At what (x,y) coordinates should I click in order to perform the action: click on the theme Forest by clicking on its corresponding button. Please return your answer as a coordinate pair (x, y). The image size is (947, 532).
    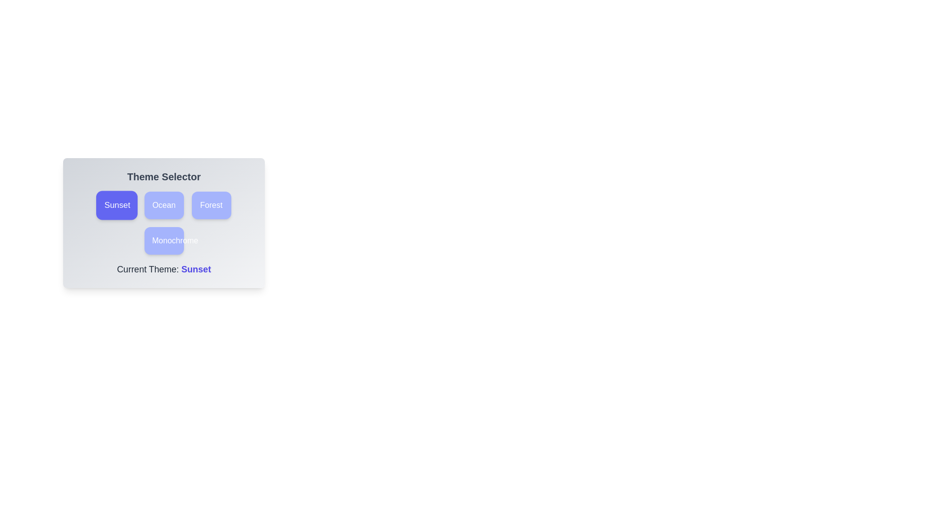
    Looking at the image, I should click on (211, 204).